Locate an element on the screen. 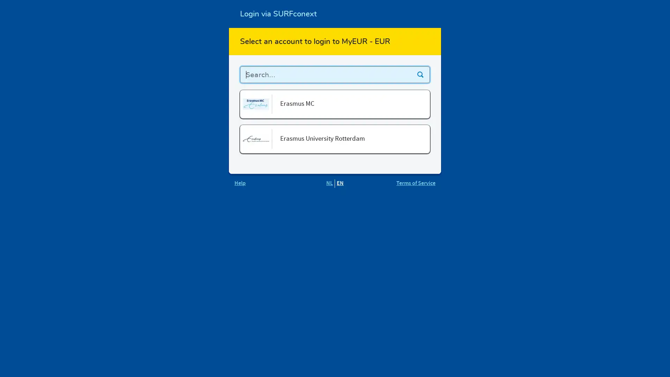  Login is located at coordinates (410, 110).